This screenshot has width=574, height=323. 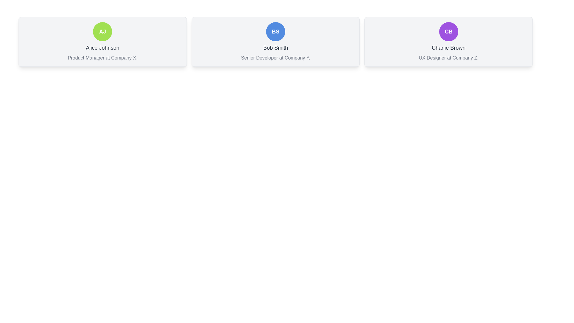 What do you see at coordinates (448, 58) in the screenshot?
I see `the static text label that displays the job title and company affiliation 'UX Designer at Company Z.', located directly underneath 'Charlie Brown' in the rightmost item of a three-column grid` at bounding box center [448, 58].